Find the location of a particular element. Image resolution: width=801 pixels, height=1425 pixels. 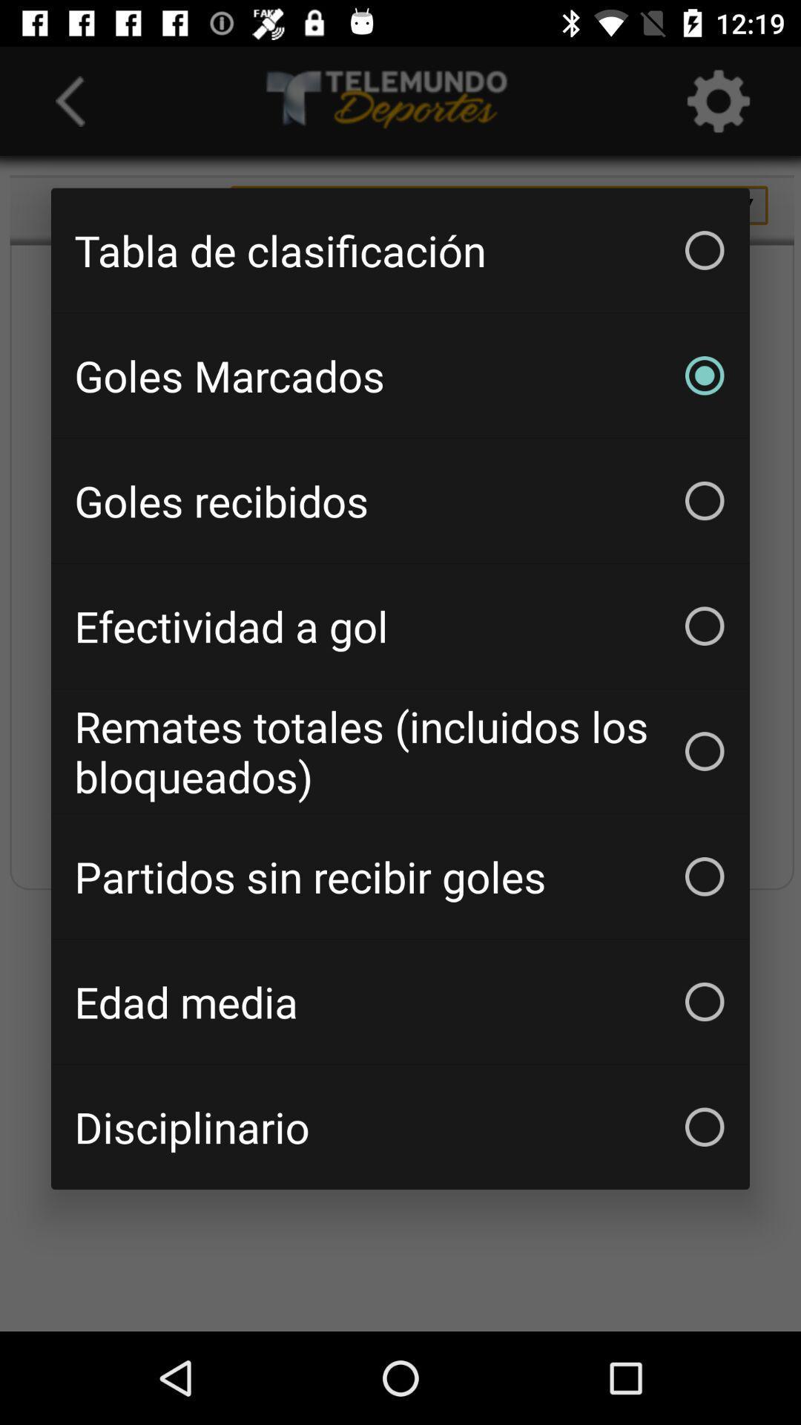

item above the remates totales incluidos icon is located at coordinates (400, 626).